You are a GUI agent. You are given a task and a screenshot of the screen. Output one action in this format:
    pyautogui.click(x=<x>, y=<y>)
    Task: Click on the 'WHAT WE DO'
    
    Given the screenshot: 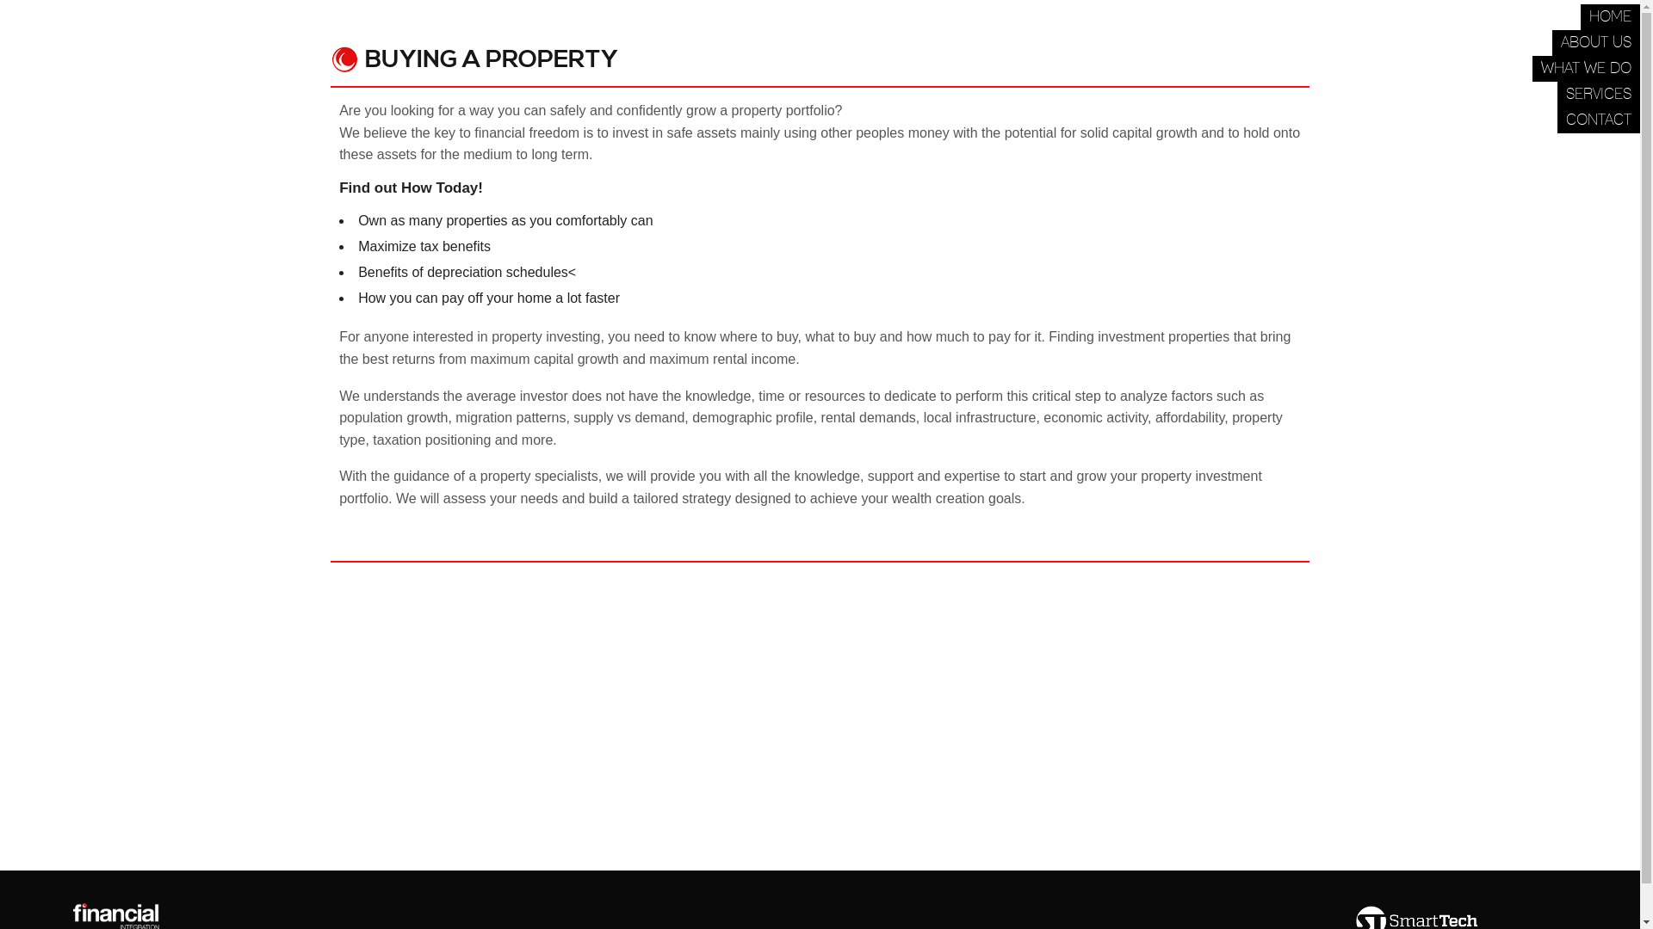 What is the action you would take?
    pyautogui.click(x=1585, y=68)
    